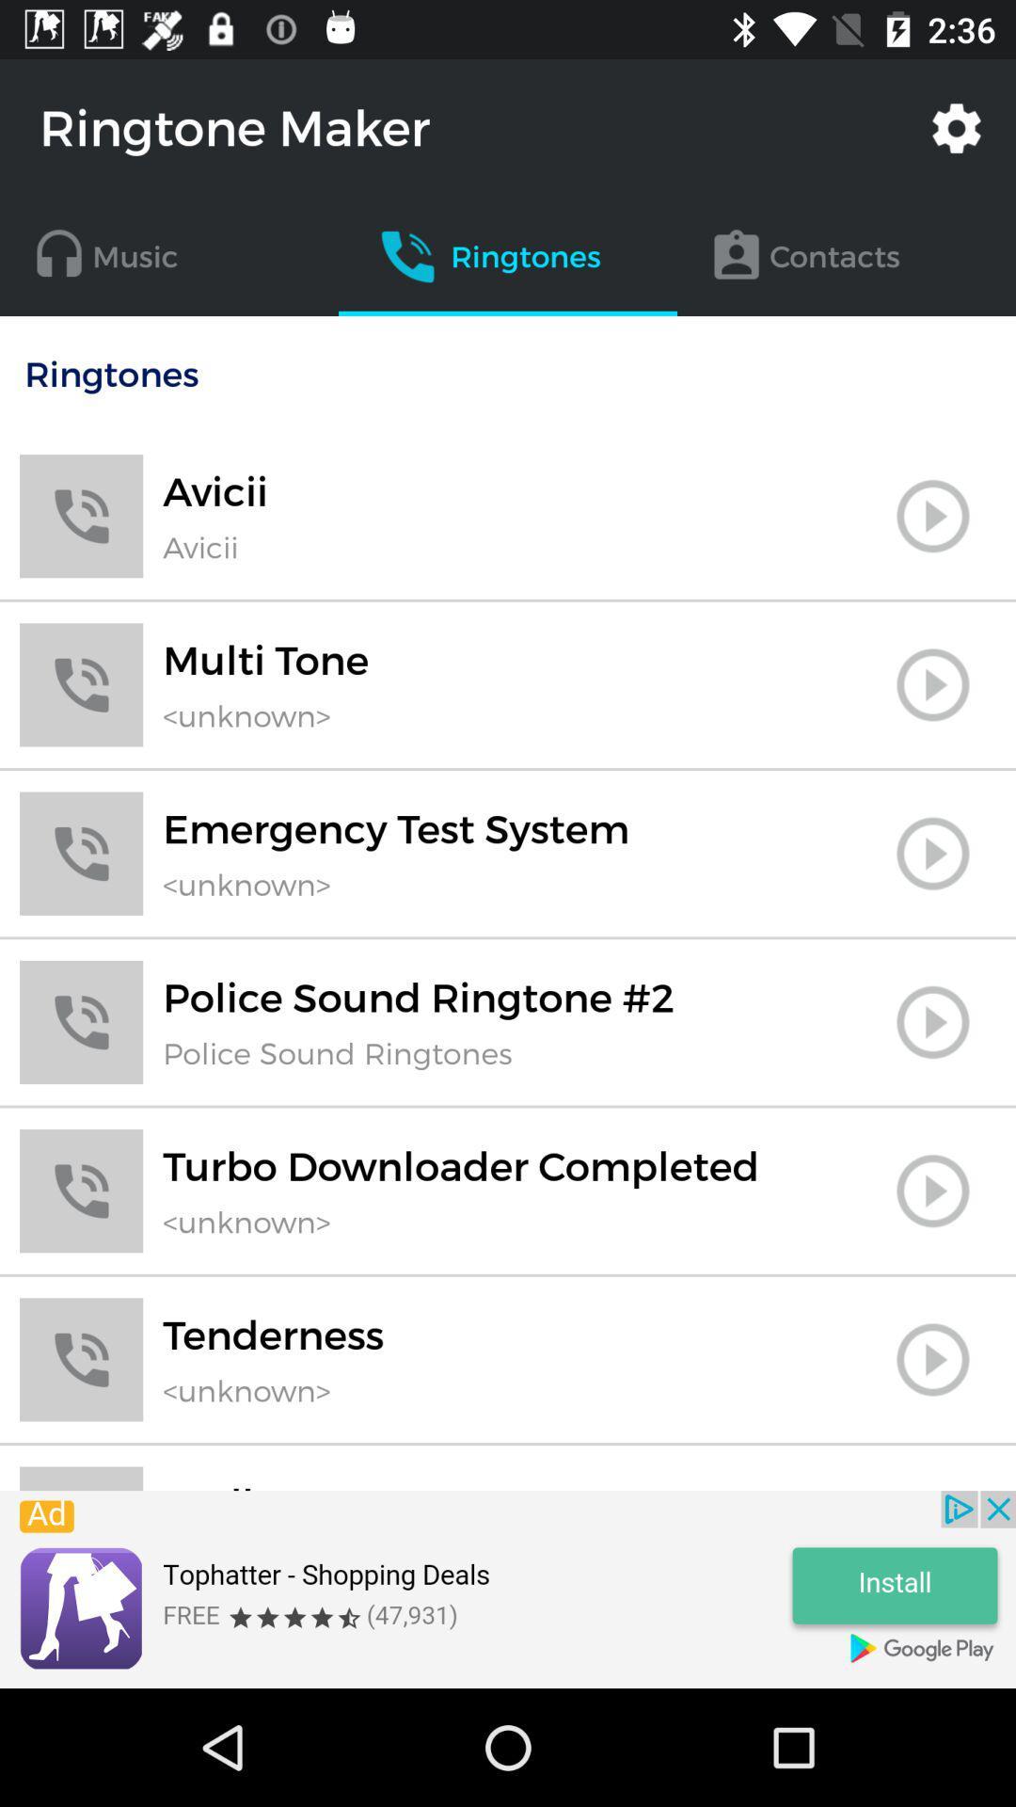 The height and width of the screenshot is (1807, 1016). What do you see at coordinates (932, 853) in the screenshot?
I see `to play music` at bounding box center [932, 853].